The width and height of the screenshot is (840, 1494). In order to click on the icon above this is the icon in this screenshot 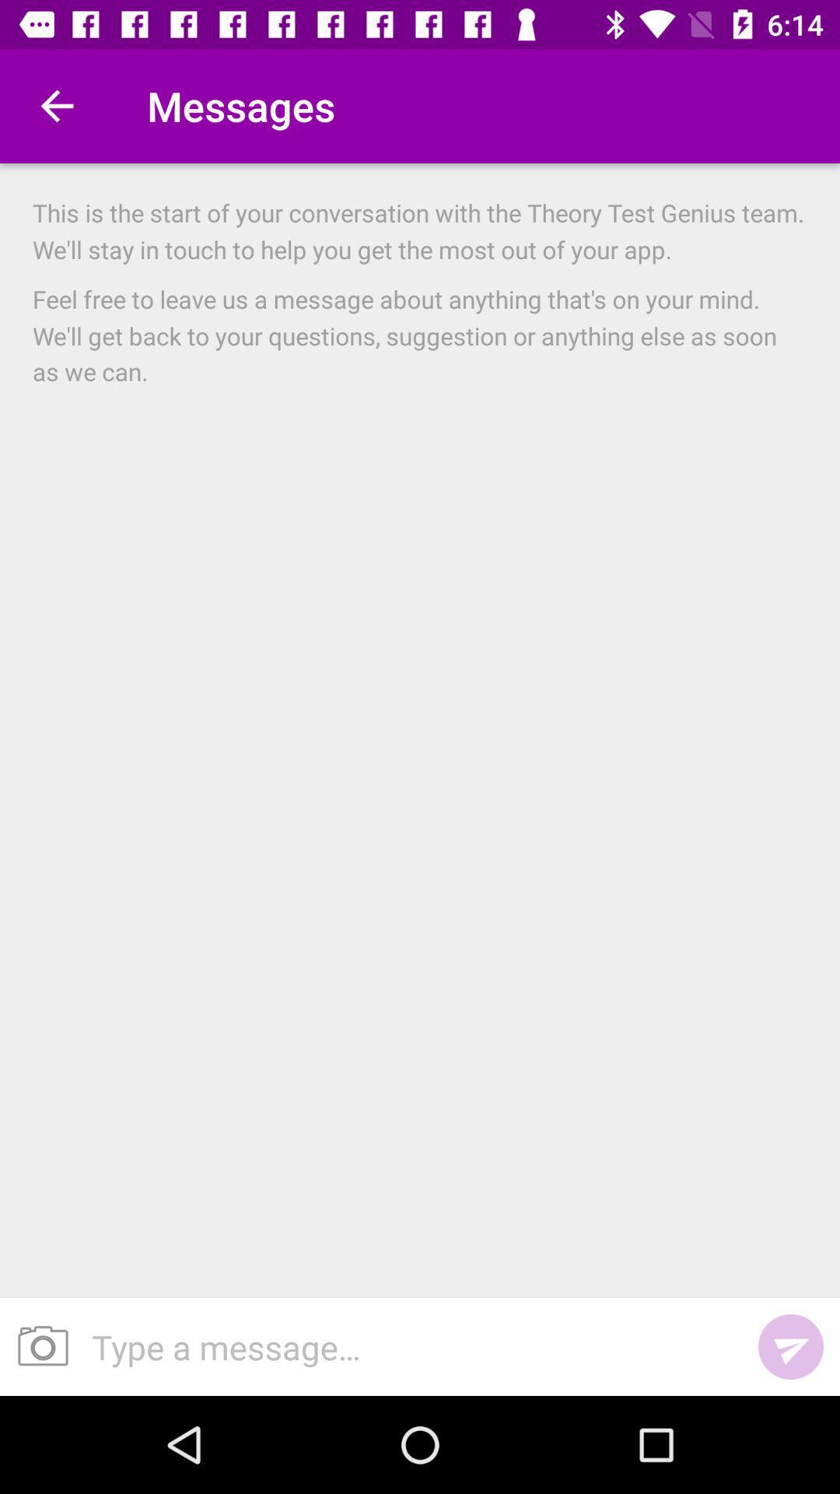, I will do `click(56, 105)`.